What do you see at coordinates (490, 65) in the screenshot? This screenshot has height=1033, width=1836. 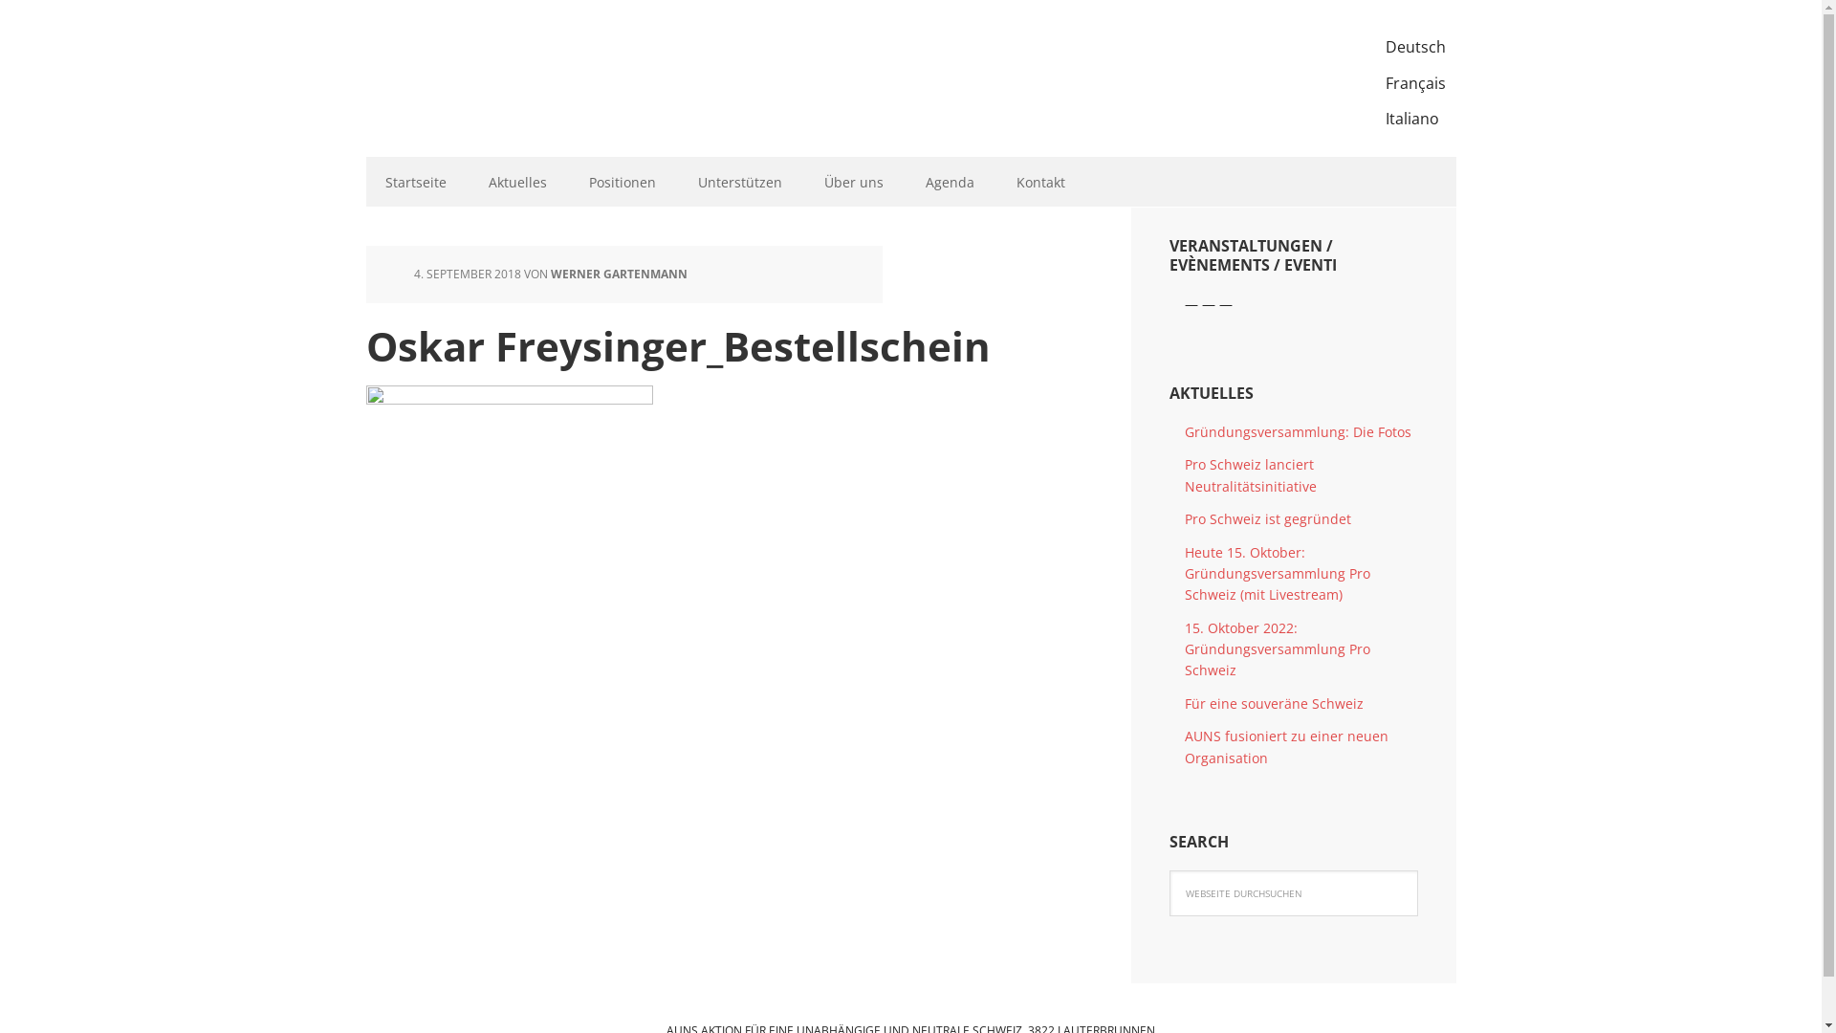 I see `'AUNS'` at bounding box center [490, 65].